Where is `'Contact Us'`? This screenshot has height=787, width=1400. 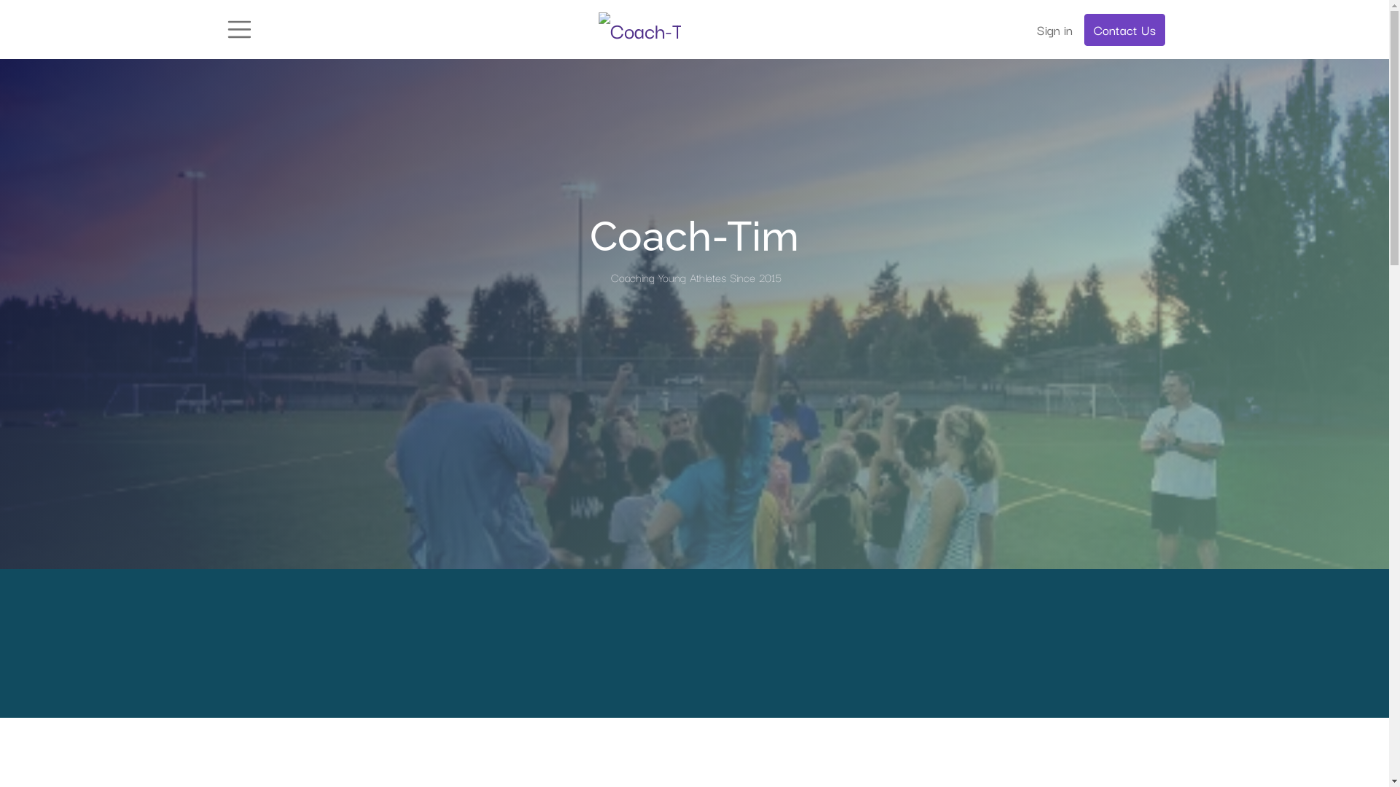 'Contact Us' is located at coordinates (1123, 30).